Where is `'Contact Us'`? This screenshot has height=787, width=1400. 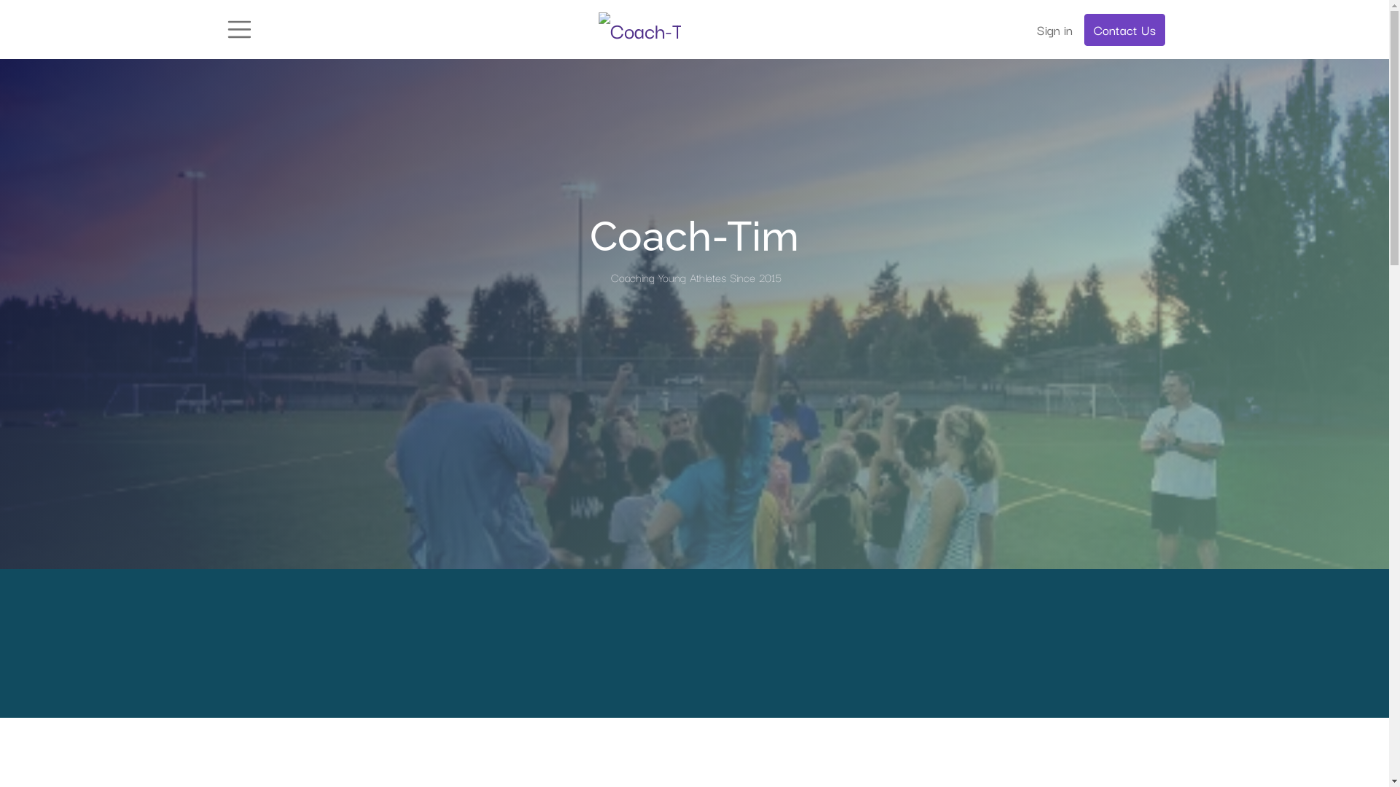 'Contact Us' is located at coordinates (1123, 30).